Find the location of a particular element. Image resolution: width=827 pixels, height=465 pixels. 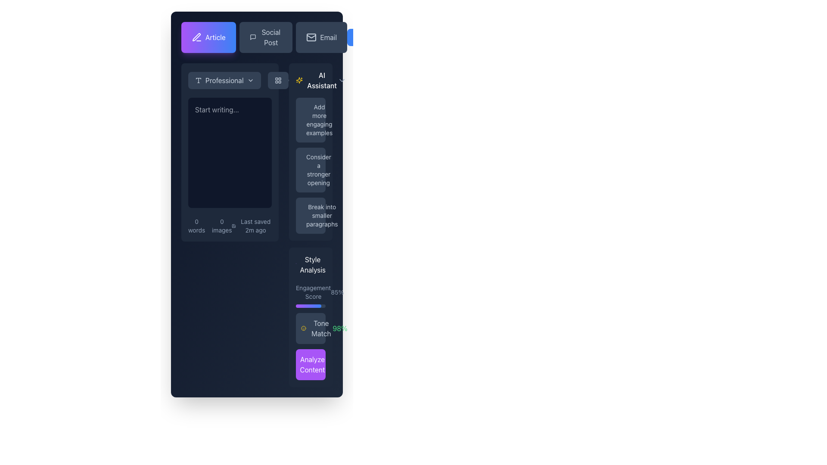

the text display showing '85%' in light gray, located next to 'Engagement Score' within the 'Style Analysis' section is located at coordinates (337, 291).